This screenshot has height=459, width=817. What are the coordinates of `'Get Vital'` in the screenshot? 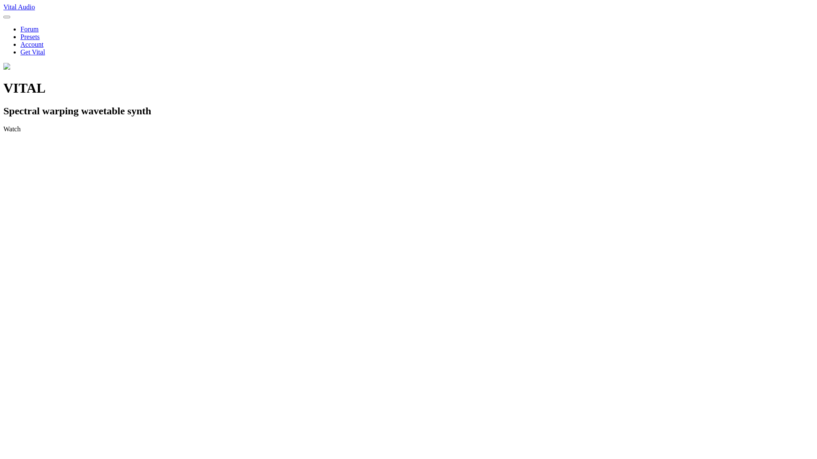 It's located at (32, 52).